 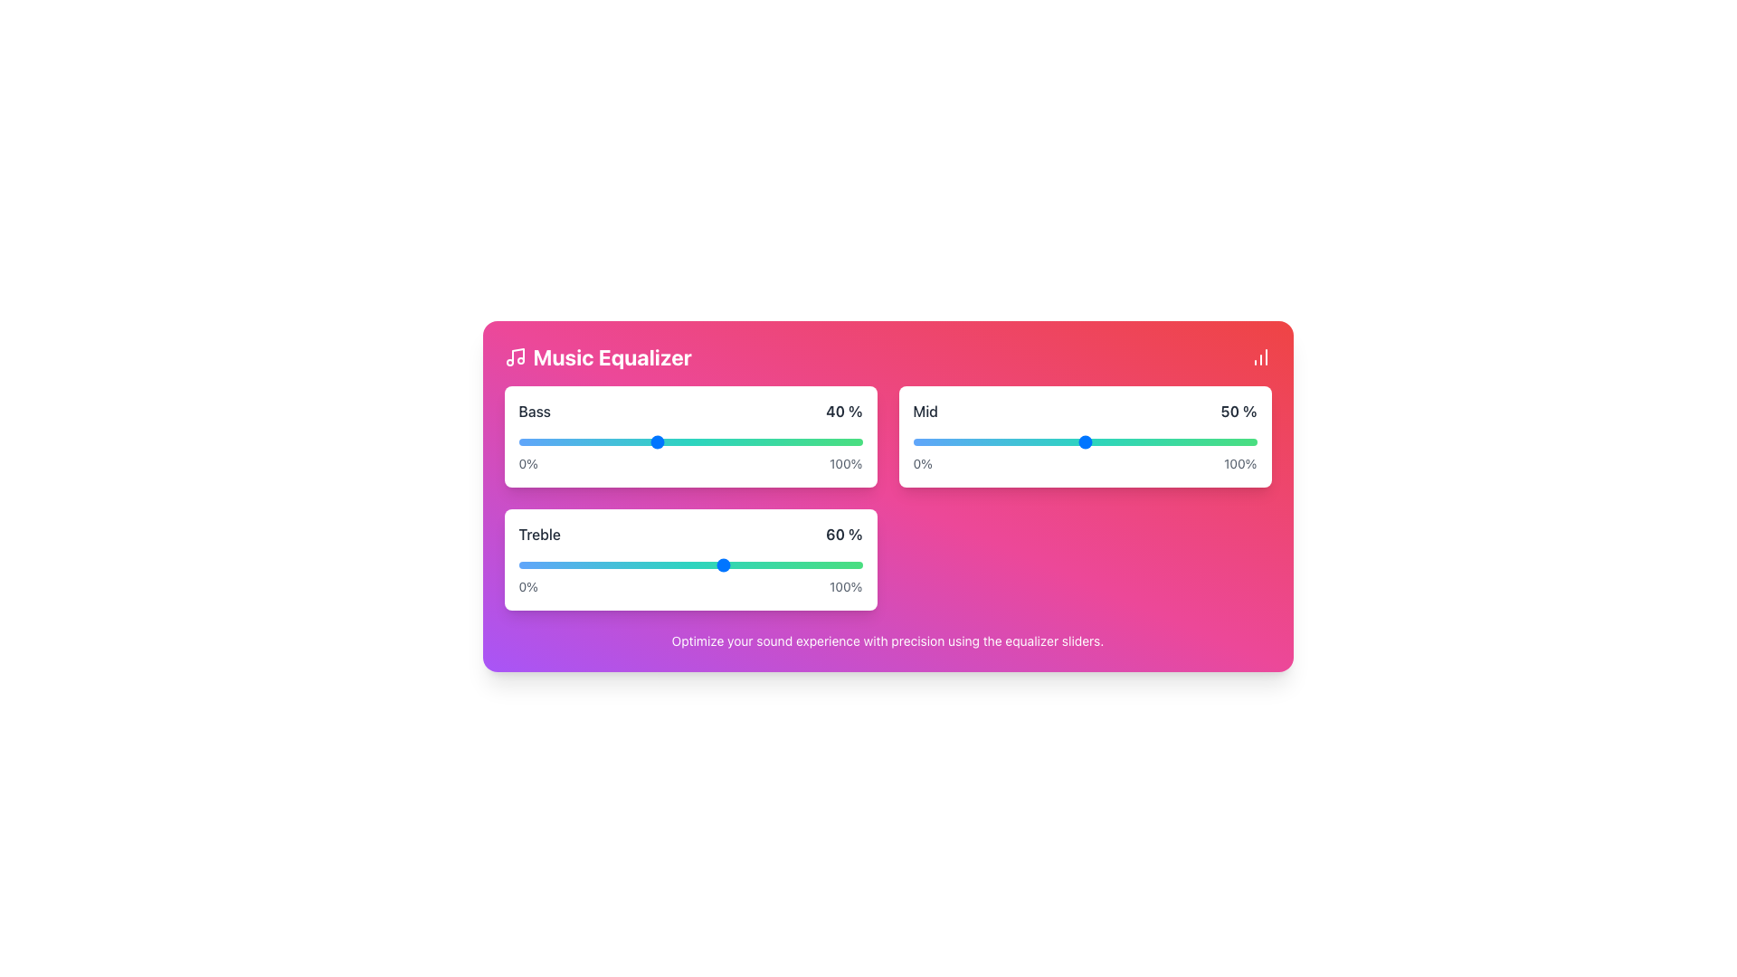 What do you see at coordinates (940, 442) in the screenshot?
I see `the mid-level equalizer` at bounding box center [940, 442].